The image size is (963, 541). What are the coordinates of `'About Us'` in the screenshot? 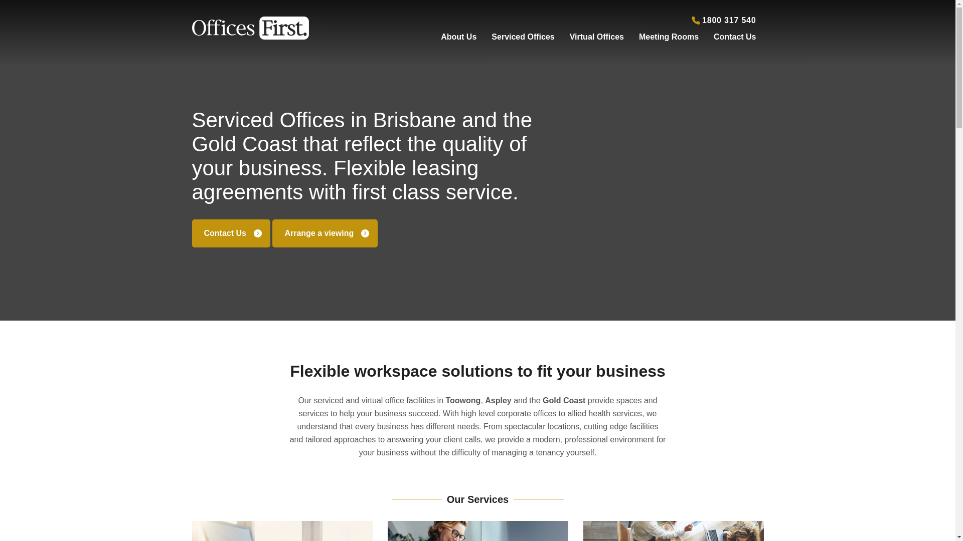 It's located at (458, 34).